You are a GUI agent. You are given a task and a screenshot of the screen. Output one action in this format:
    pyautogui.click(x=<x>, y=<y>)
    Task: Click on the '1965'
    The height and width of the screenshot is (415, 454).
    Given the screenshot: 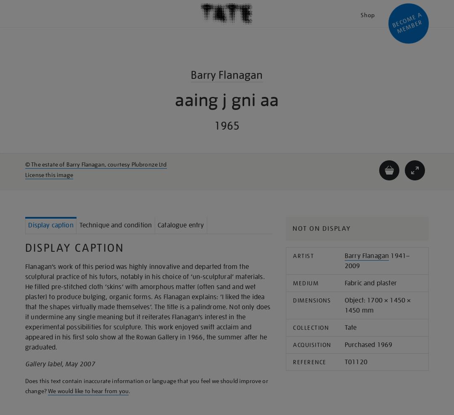 What is the action you would take?
    pyautogui.click(x=226, y=125)
    